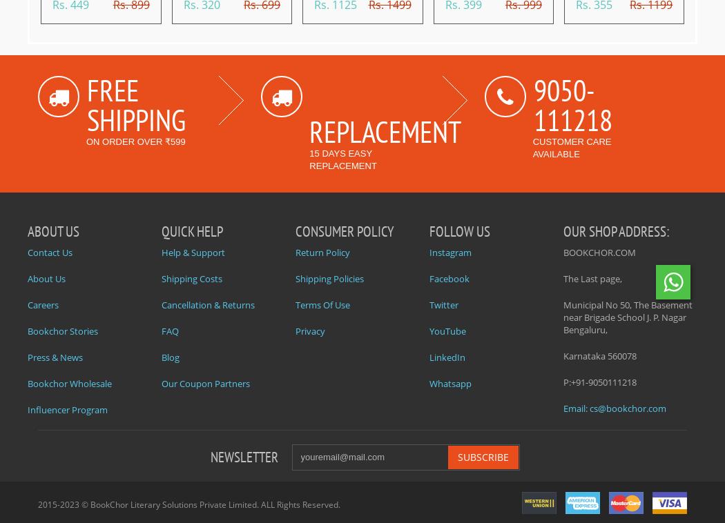  Describe the element at coordinates (342, 159) in the screenshot. I see `'15 days easy replacement'` at that location.